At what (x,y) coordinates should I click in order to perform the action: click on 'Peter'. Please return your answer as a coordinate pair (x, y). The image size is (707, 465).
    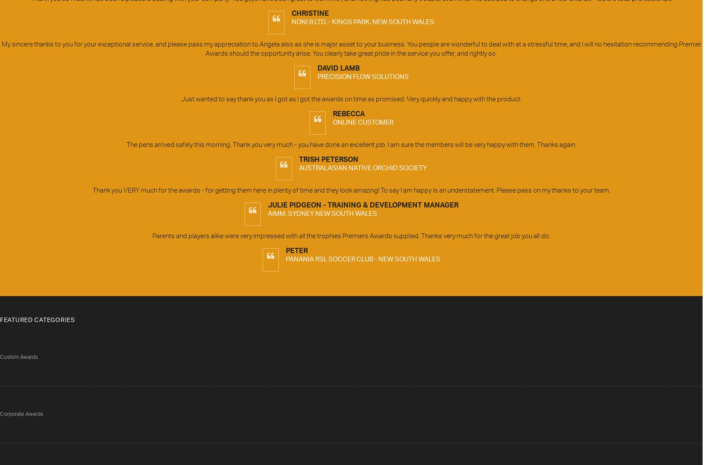
    Looking at the image, I should click on (296, 251).